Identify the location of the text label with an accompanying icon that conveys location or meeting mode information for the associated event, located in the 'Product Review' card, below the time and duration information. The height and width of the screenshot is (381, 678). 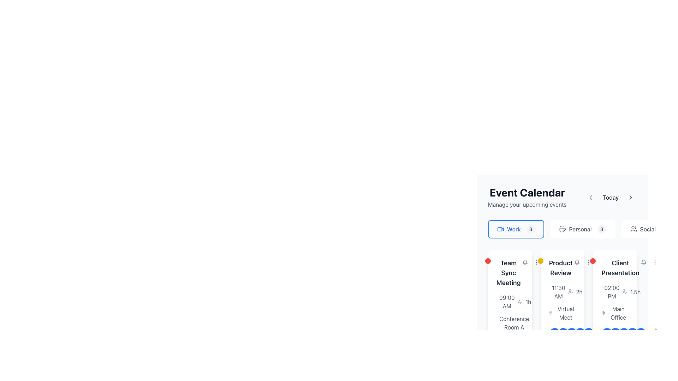
(562, 313).